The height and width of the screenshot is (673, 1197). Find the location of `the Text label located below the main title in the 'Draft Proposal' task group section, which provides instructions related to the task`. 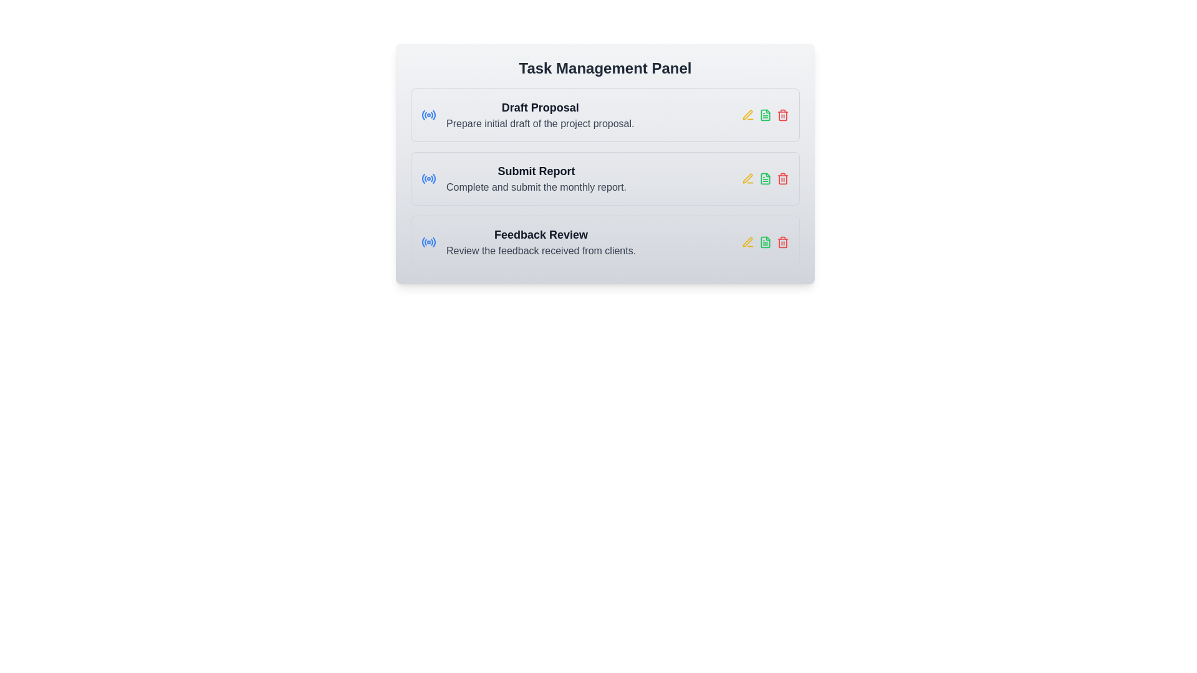

the Text label located below the main title in the 'Draft Proposal' task group section, which provides instructions related to the task is located at coordinates (540, 124).